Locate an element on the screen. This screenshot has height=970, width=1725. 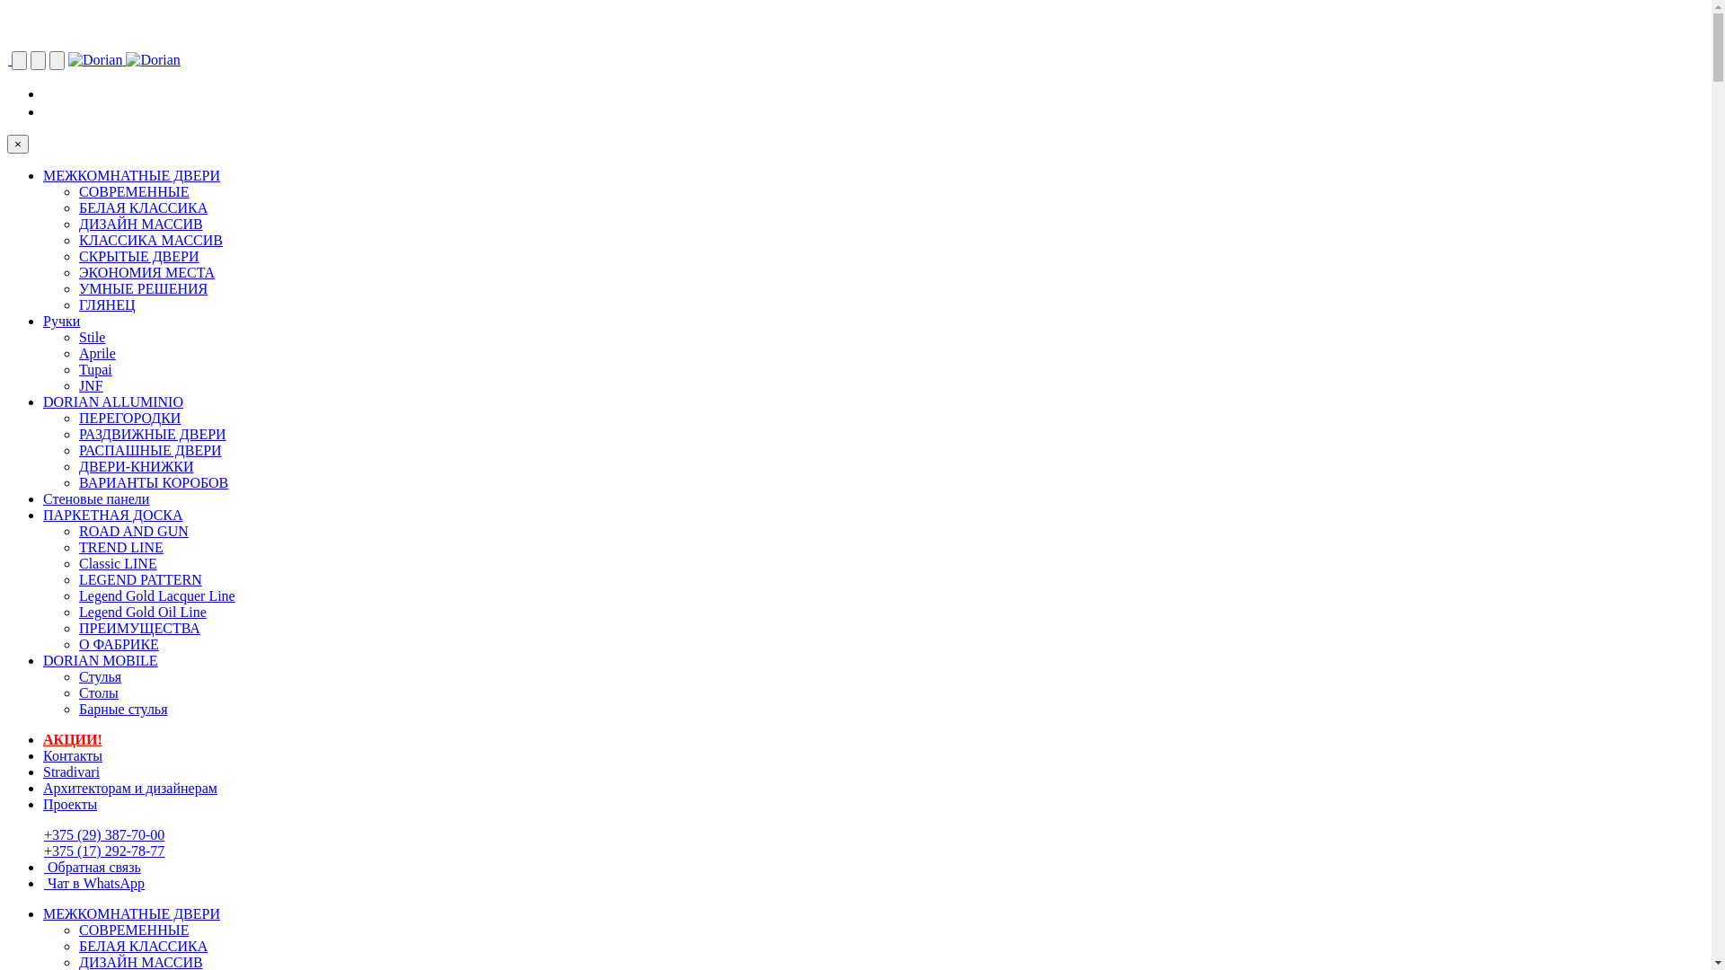
'+375 (29) 387-70-00' is located at coordinates (102, 834).